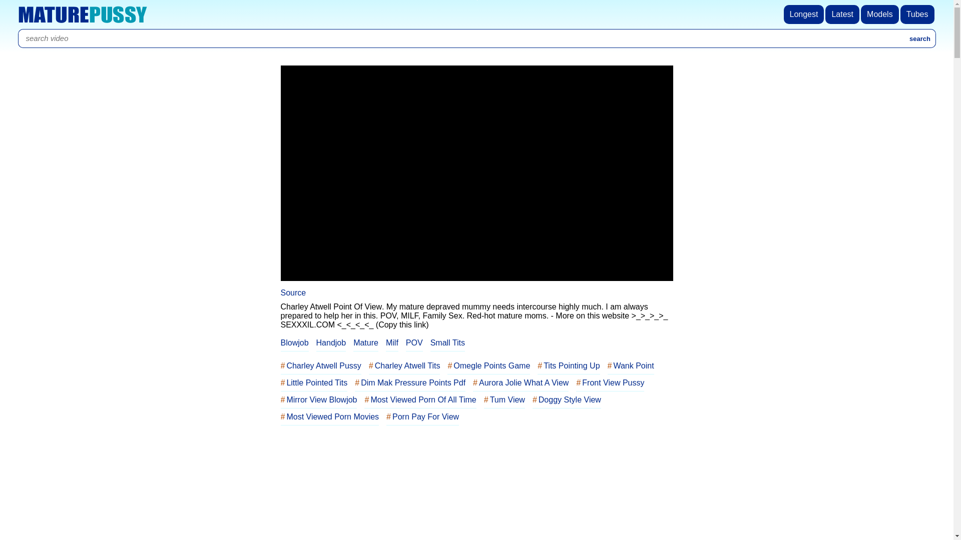 The image size is (961, 540). What do you see at coordinates (610, 382) in the screenshot?
I see `'Front View Pussy'` at bounding box center [610, 382].